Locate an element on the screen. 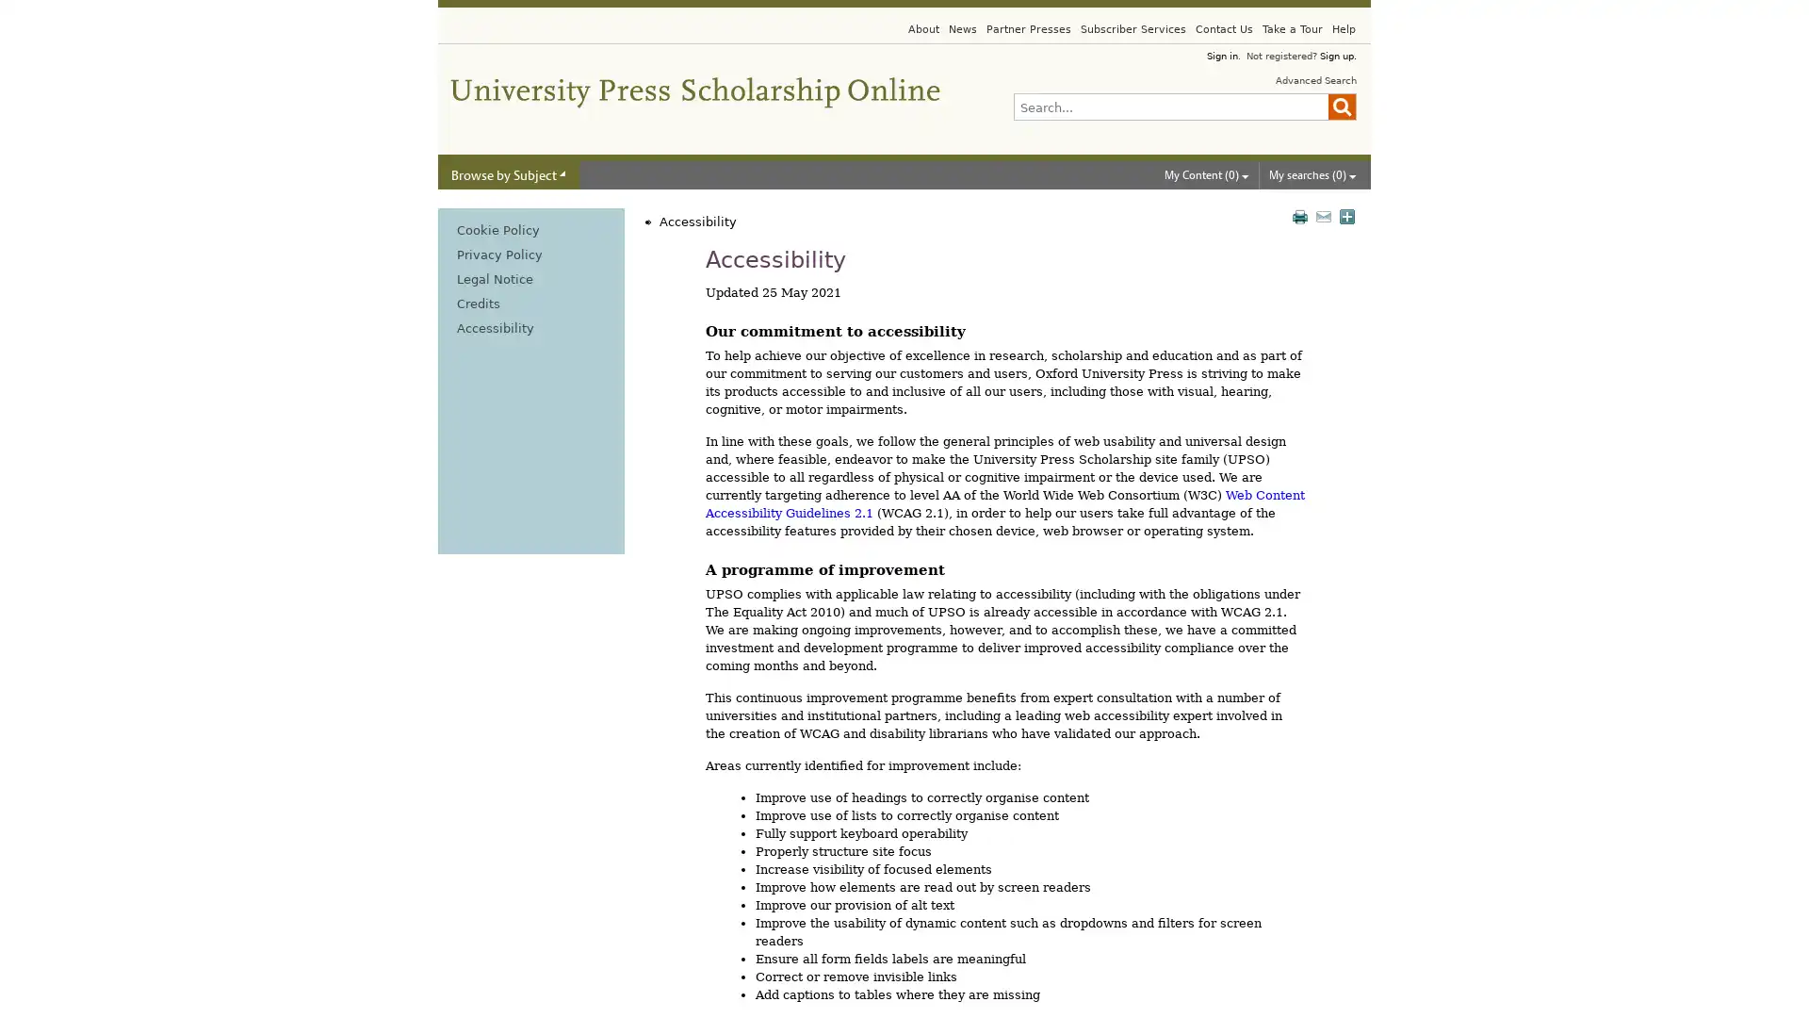  Share This is located at coordinates (1347, 216).